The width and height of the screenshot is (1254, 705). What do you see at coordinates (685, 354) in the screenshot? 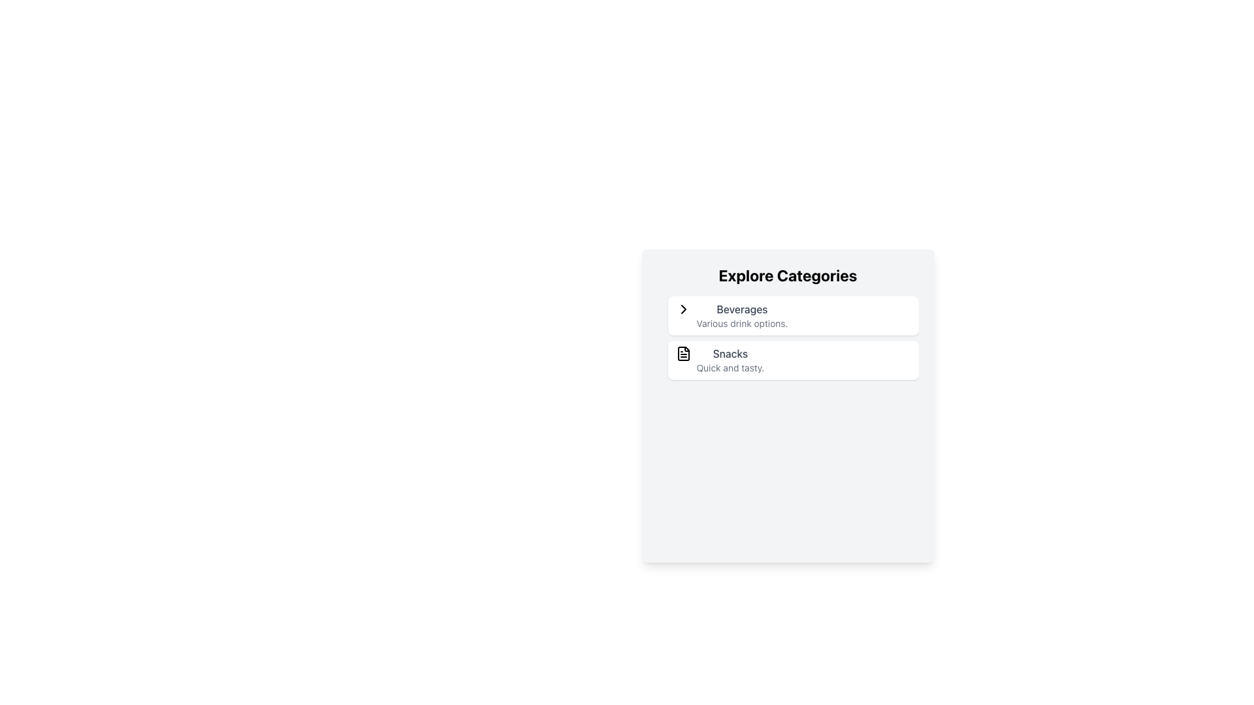
I see `the document icon at the beginning of the 'Snacks' row, which is styled in a minimalist outline format and positioned to the left of the textual content` at bounding box center [685, 354].